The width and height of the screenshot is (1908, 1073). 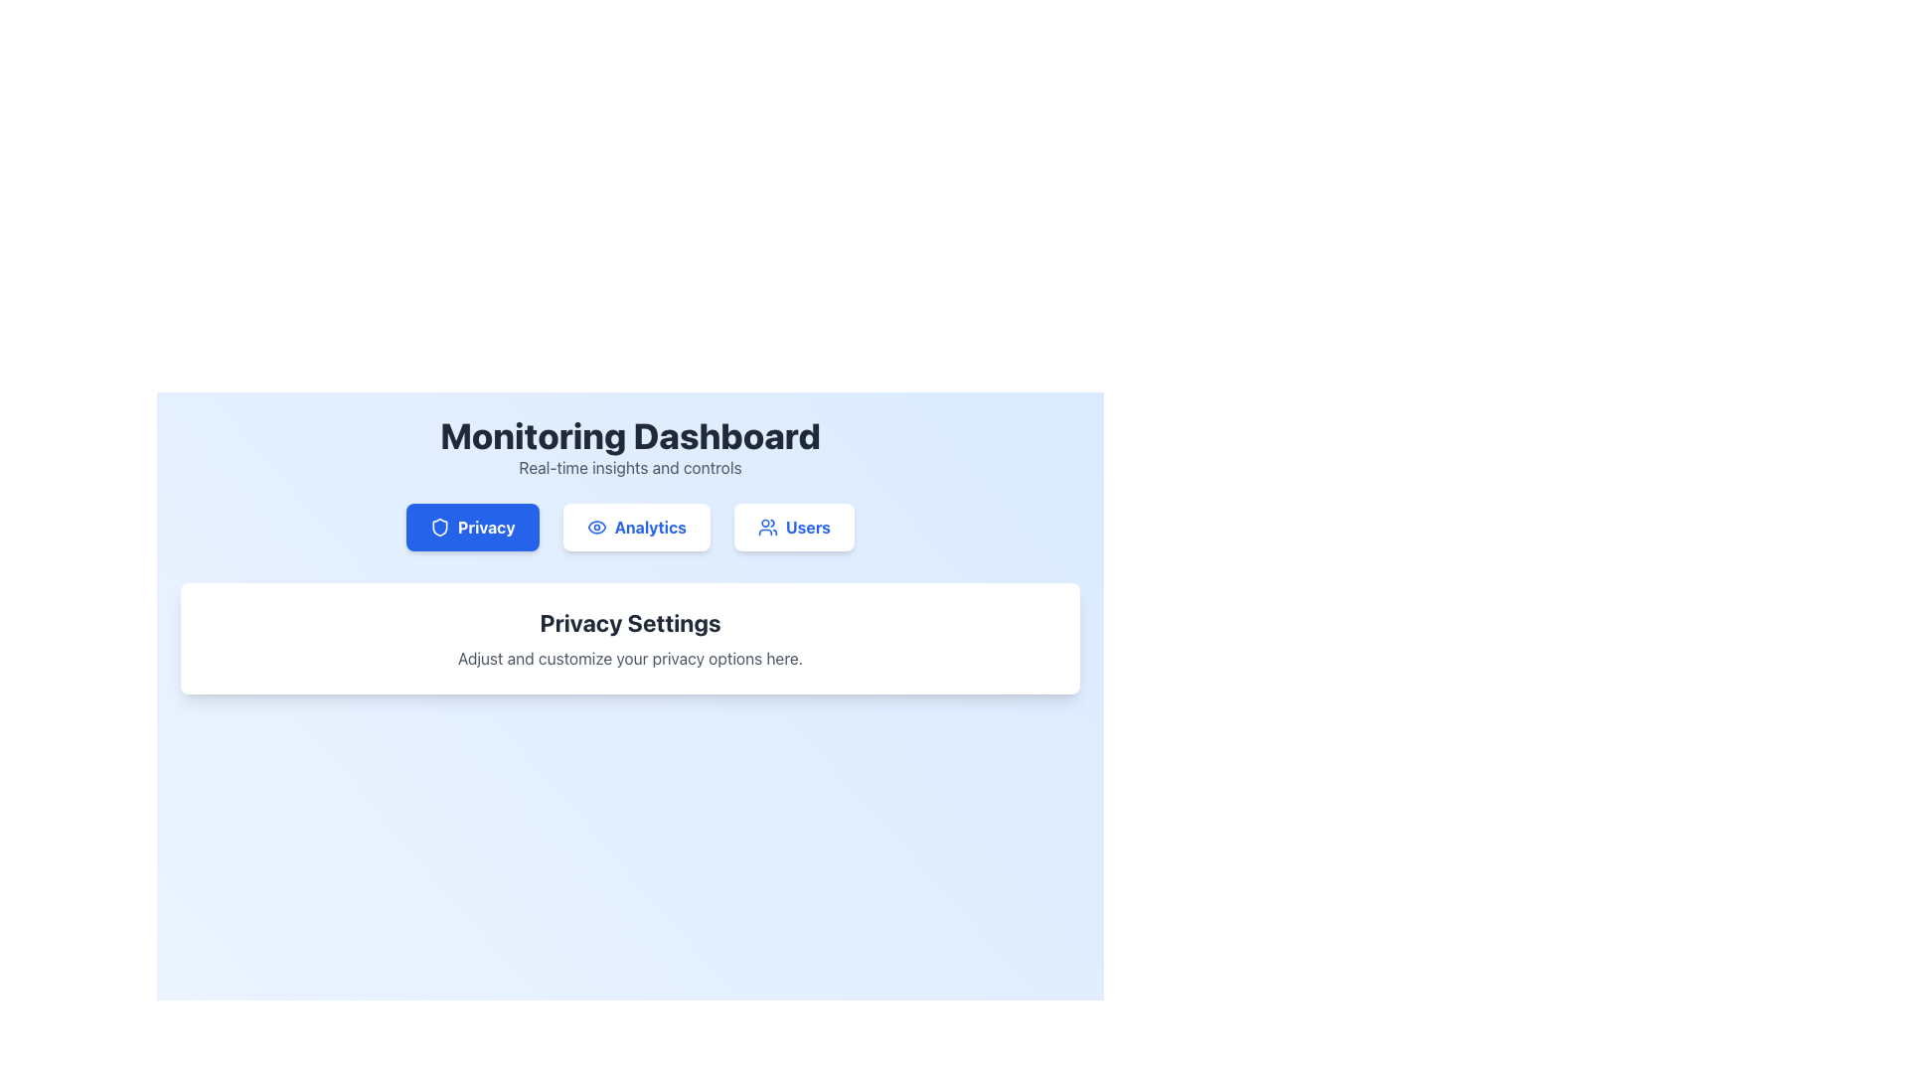 I want to click on text displayed in the 'Monitoring Dashboard' section, which includes the heading 'Monitoring Dashboard' and the subtitle 'Real-time insights and controls', so click(x=629, y=448).